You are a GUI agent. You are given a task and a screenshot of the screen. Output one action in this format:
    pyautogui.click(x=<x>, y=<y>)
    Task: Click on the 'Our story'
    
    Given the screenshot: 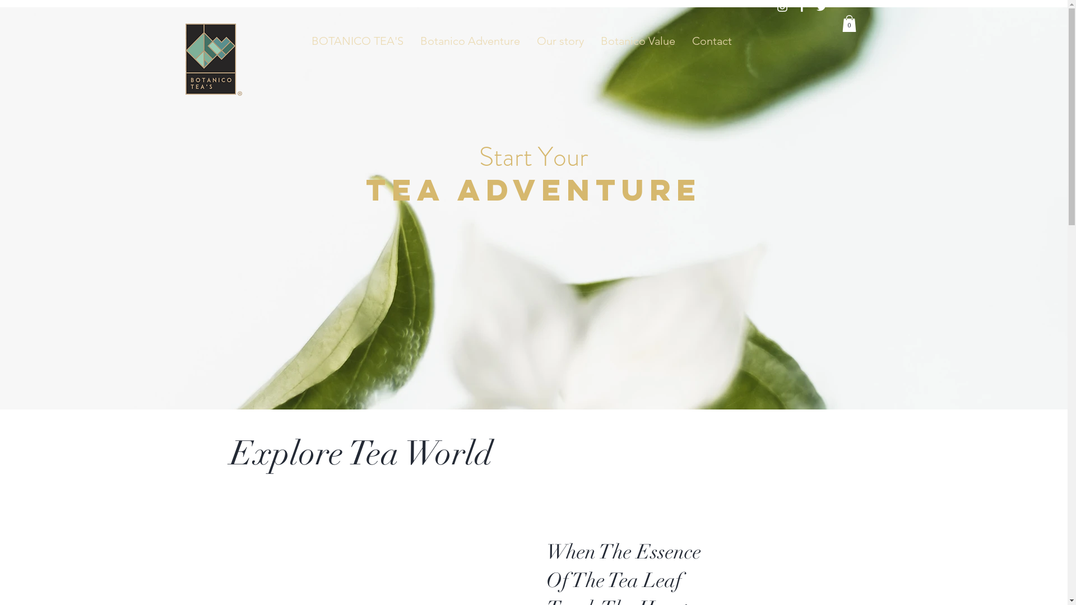 What is the action you would take?
    pyautogui.click(x=560, y=40)
    